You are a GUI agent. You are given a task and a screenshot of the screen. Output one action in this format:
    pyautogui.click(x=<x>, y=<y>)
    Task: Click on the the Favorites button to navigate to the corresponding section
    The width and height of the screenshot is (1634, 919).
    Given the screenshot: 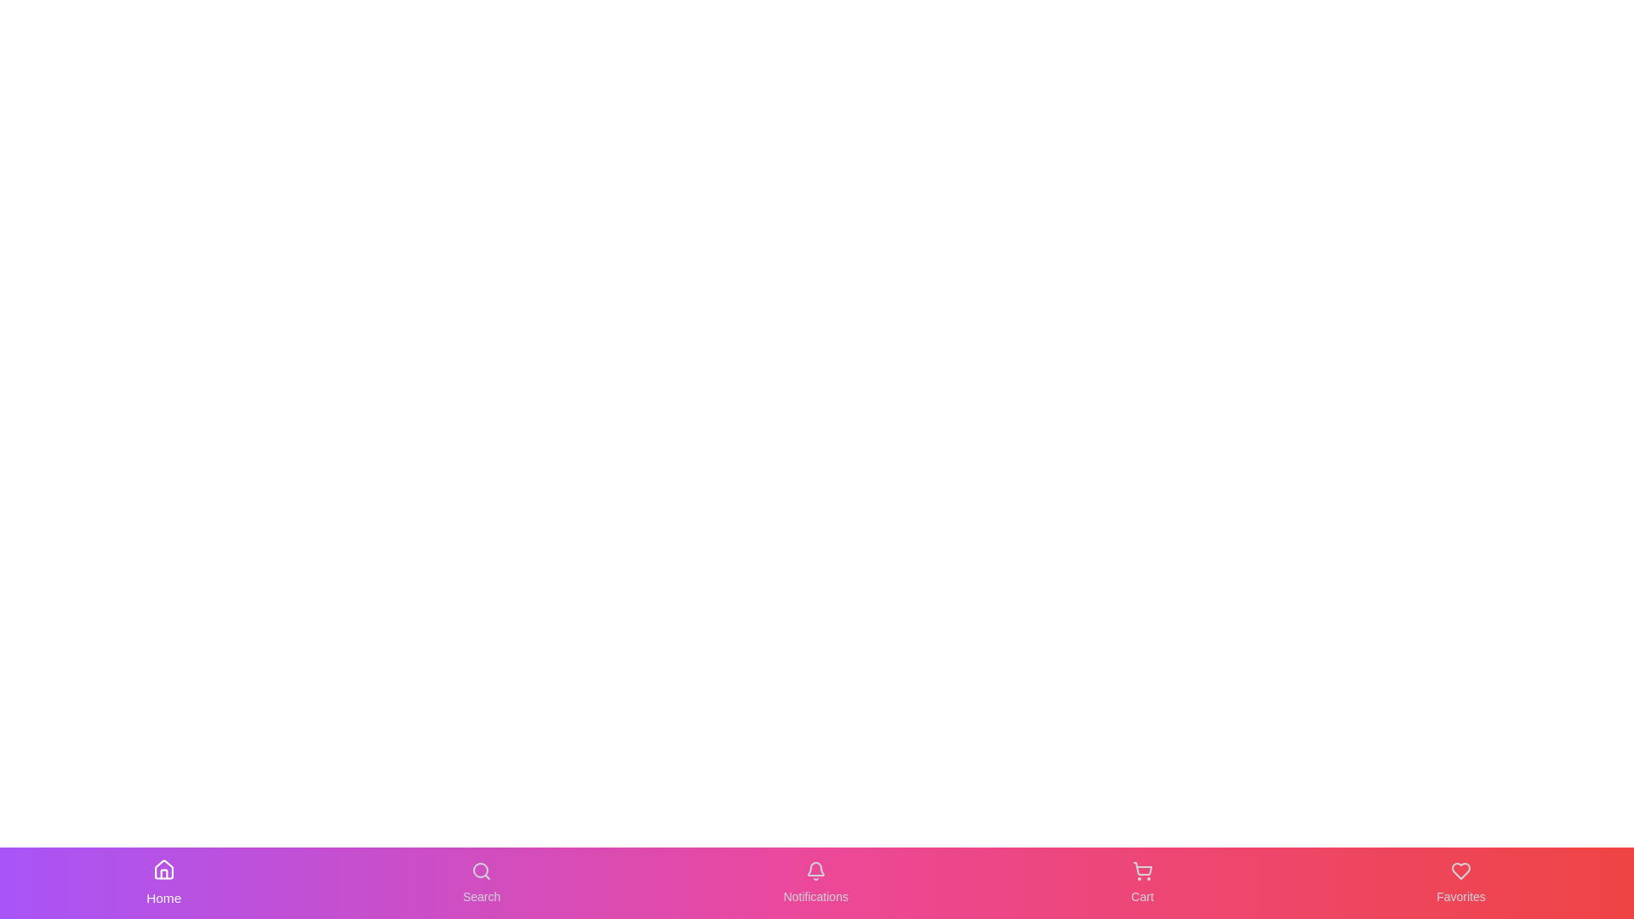 What is the action you would take?
    pyautogui.click(x=1460, y=882)
    